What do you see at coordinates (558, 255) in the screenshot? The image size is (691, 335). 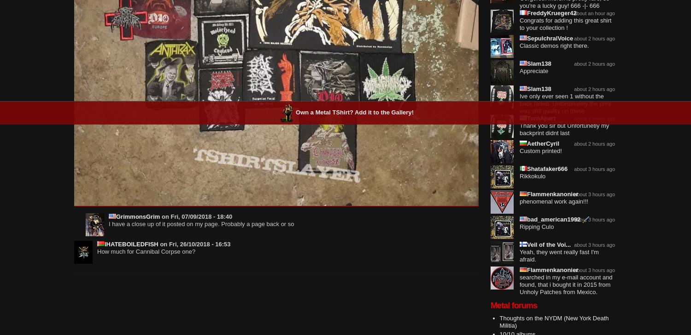 I see `'Yeah, they went really fast I'm afraid.'` at bounding box center [558, 255].